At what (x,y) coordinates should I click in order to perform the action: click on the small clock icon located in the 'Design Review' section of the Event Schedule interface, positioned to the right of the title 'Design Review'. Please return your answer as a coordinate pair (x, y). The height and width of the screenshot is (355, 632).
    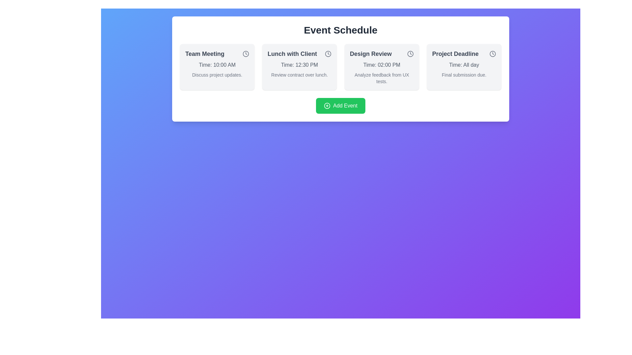
    Looking at the image, I should click on (410, 54).